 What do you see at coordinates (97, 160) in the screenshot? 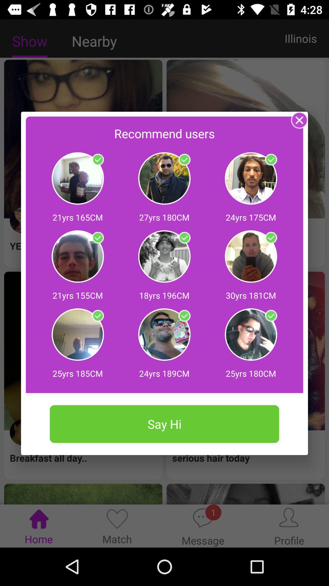
I see `choose option` at bounding box center [97, 160].